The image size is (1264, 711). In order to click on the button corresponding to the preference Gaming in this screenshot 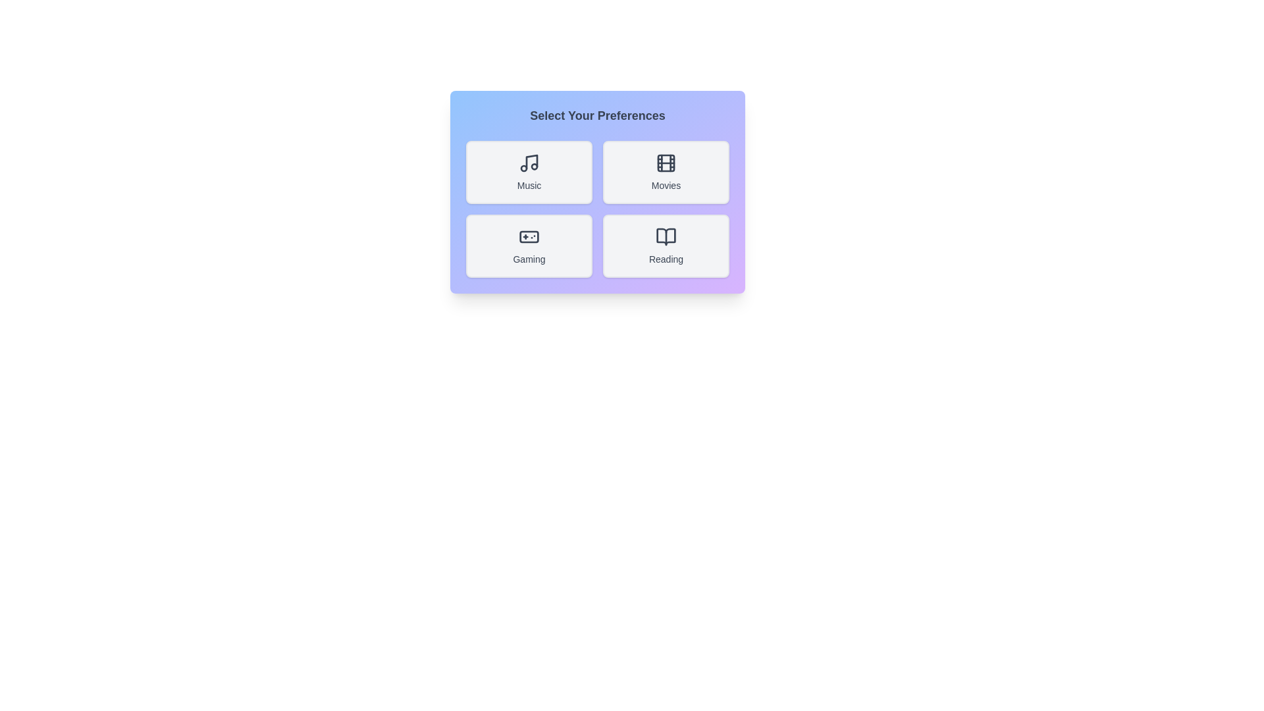, I will do `click(529, 246)`.